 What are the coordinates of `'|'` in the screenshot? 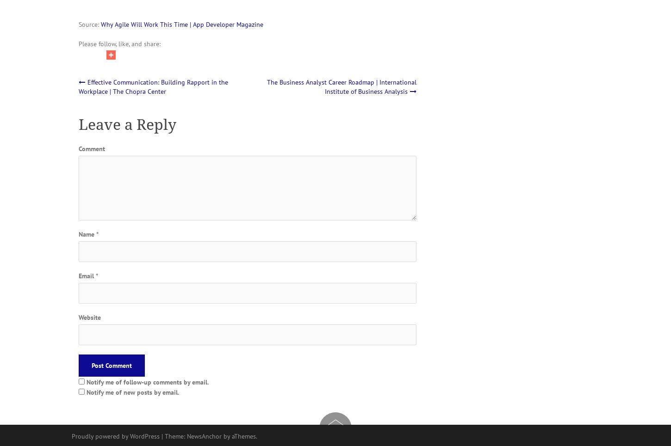 It's located at (163, 436).